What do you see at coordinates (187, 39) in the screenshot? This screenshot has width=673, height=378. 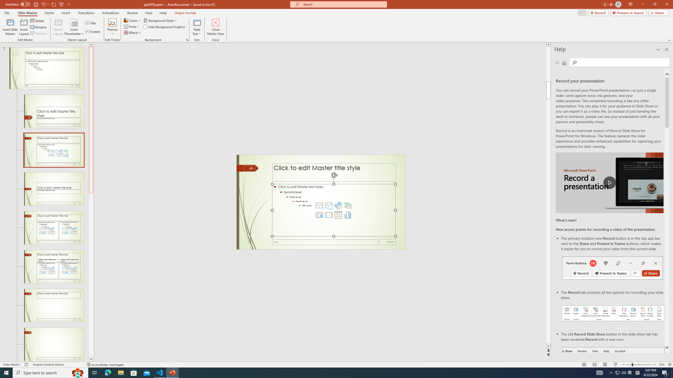 I see `'Format Background...'` at bounding box center [187, 39].